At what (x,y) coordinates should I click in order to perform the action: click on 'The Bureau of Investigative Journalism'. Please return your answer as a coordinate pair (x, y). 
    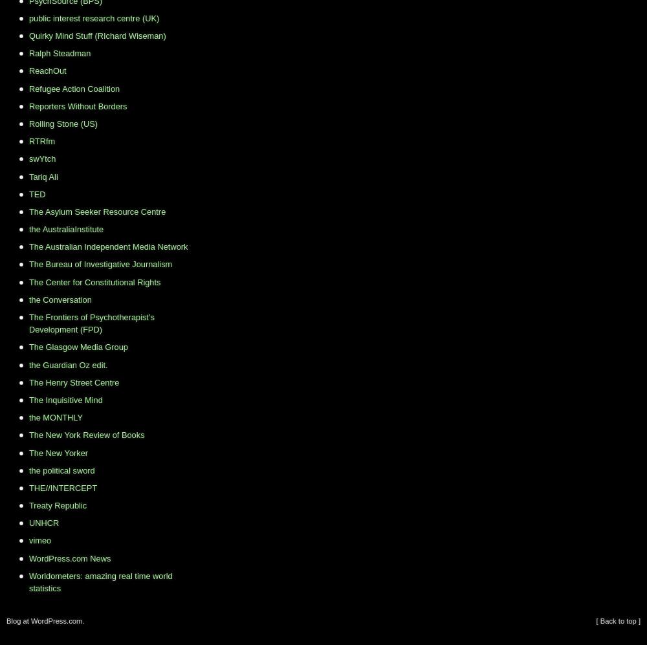
    Looking at the image, I should click on (100, 264).